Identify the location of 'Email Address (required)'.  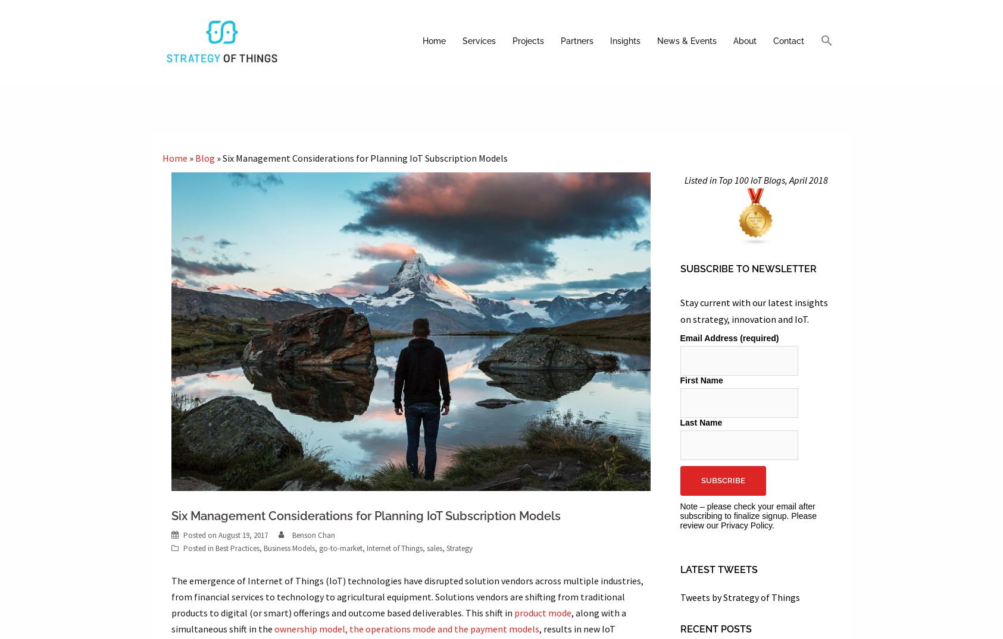
(679, 338).